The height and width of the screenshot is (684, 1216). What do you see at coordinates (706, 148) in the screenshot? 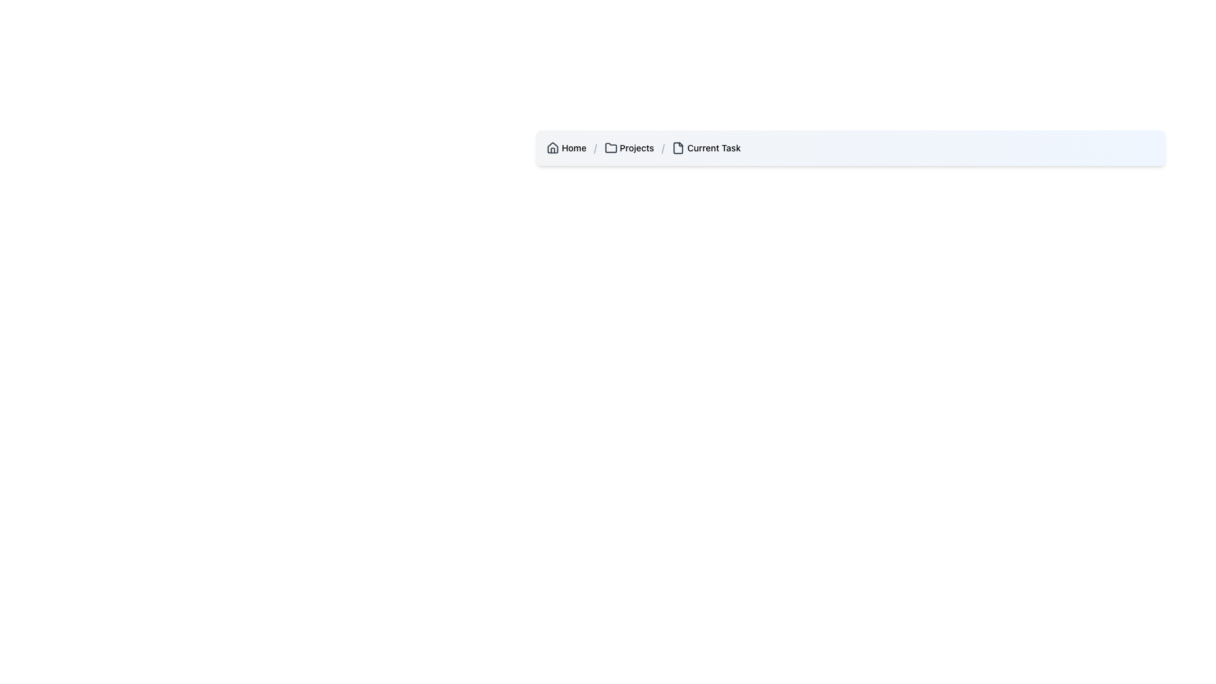
I see `'Current Task' text label in the breadcrumb navigation, which is the fourth entry after 'Home', '/', and 'Projects'` at bounding box center [706, 148].